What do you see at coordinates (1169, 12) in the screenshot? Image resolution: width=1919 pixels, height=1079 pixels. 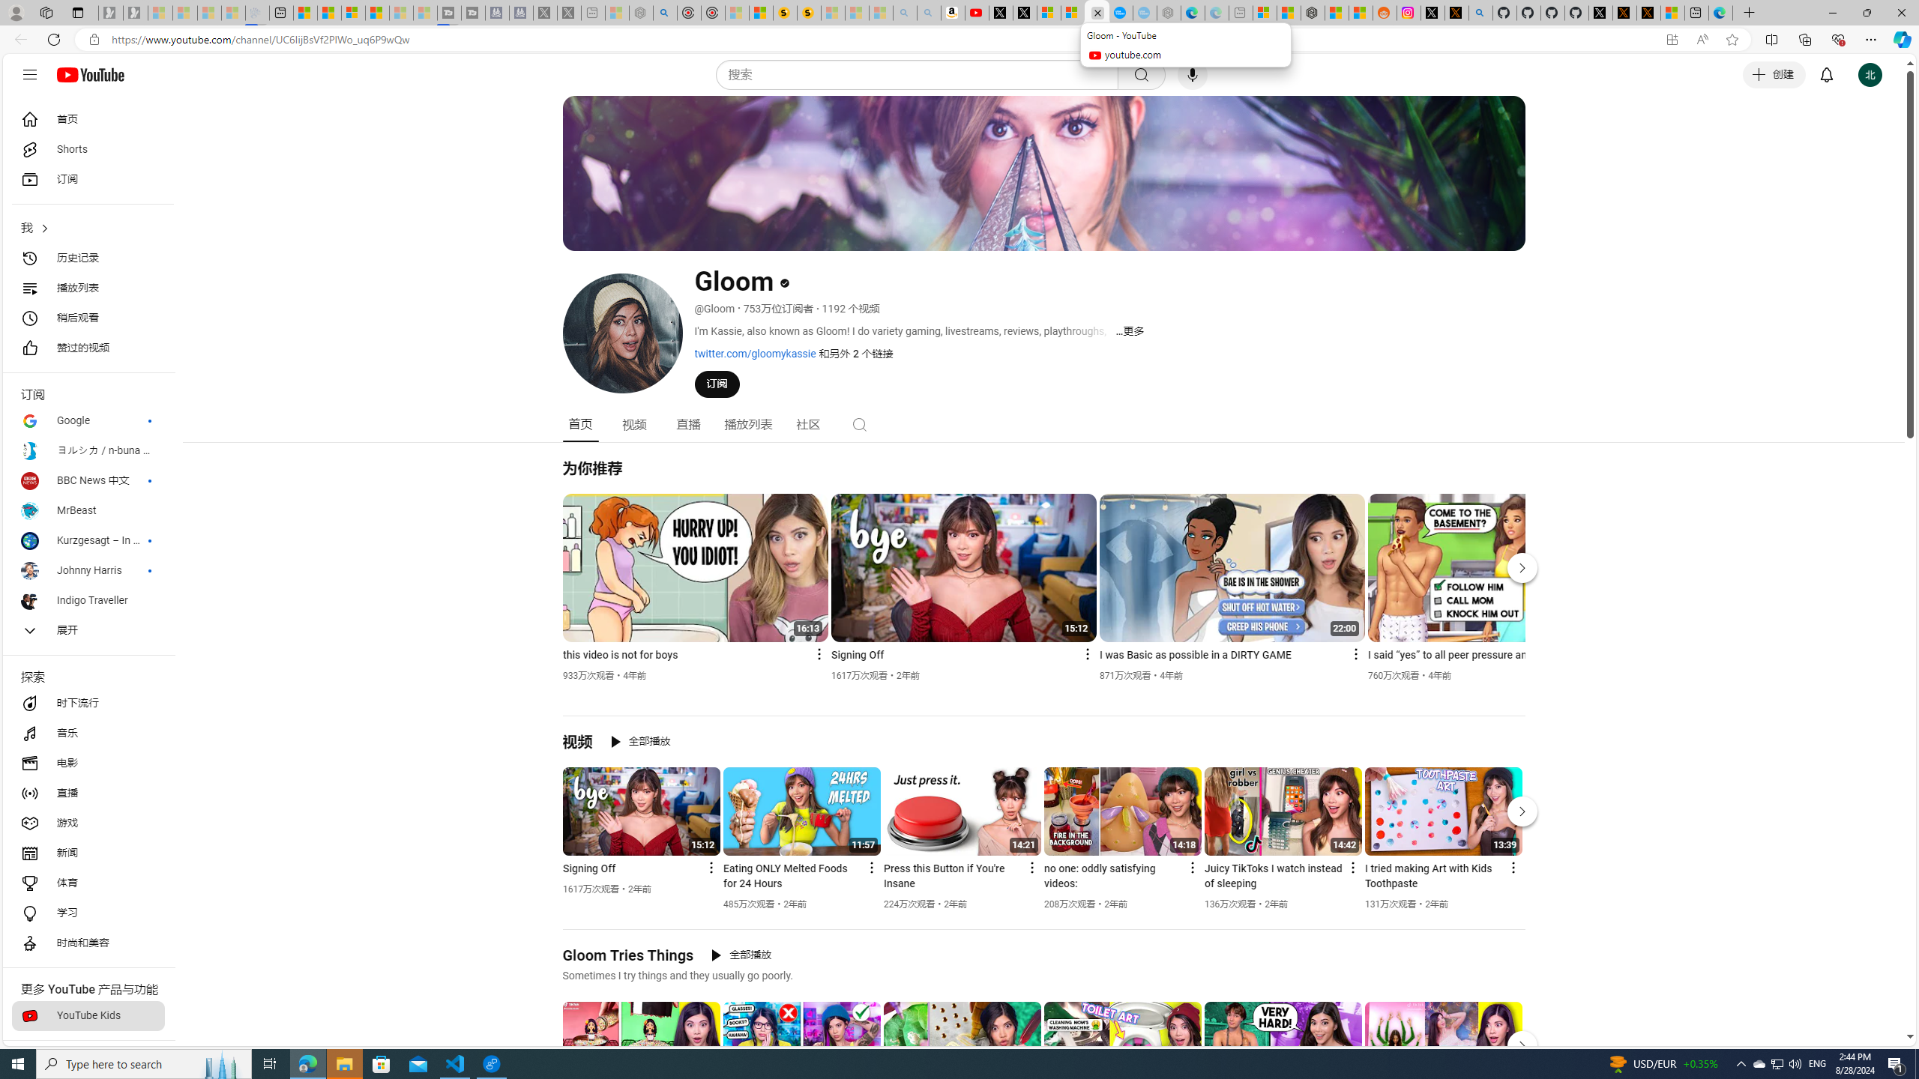 I see `'Nordace - Nordace has arrived Hong Kong - Sleeping'` at bounding box center [1169, 12].